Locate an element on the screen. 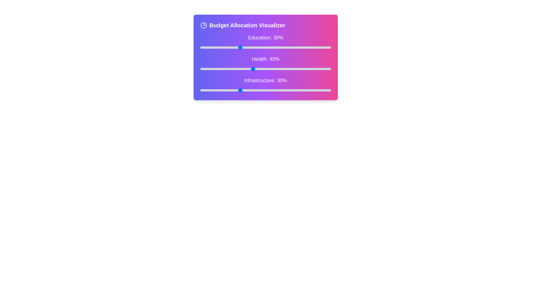 The width and height of the screenshot is (541, 304). the slider track of the 'Health: 40%' component located in the second section of the 'Budget Allocation Visualizer' layout is located at coordinates (265, 63).